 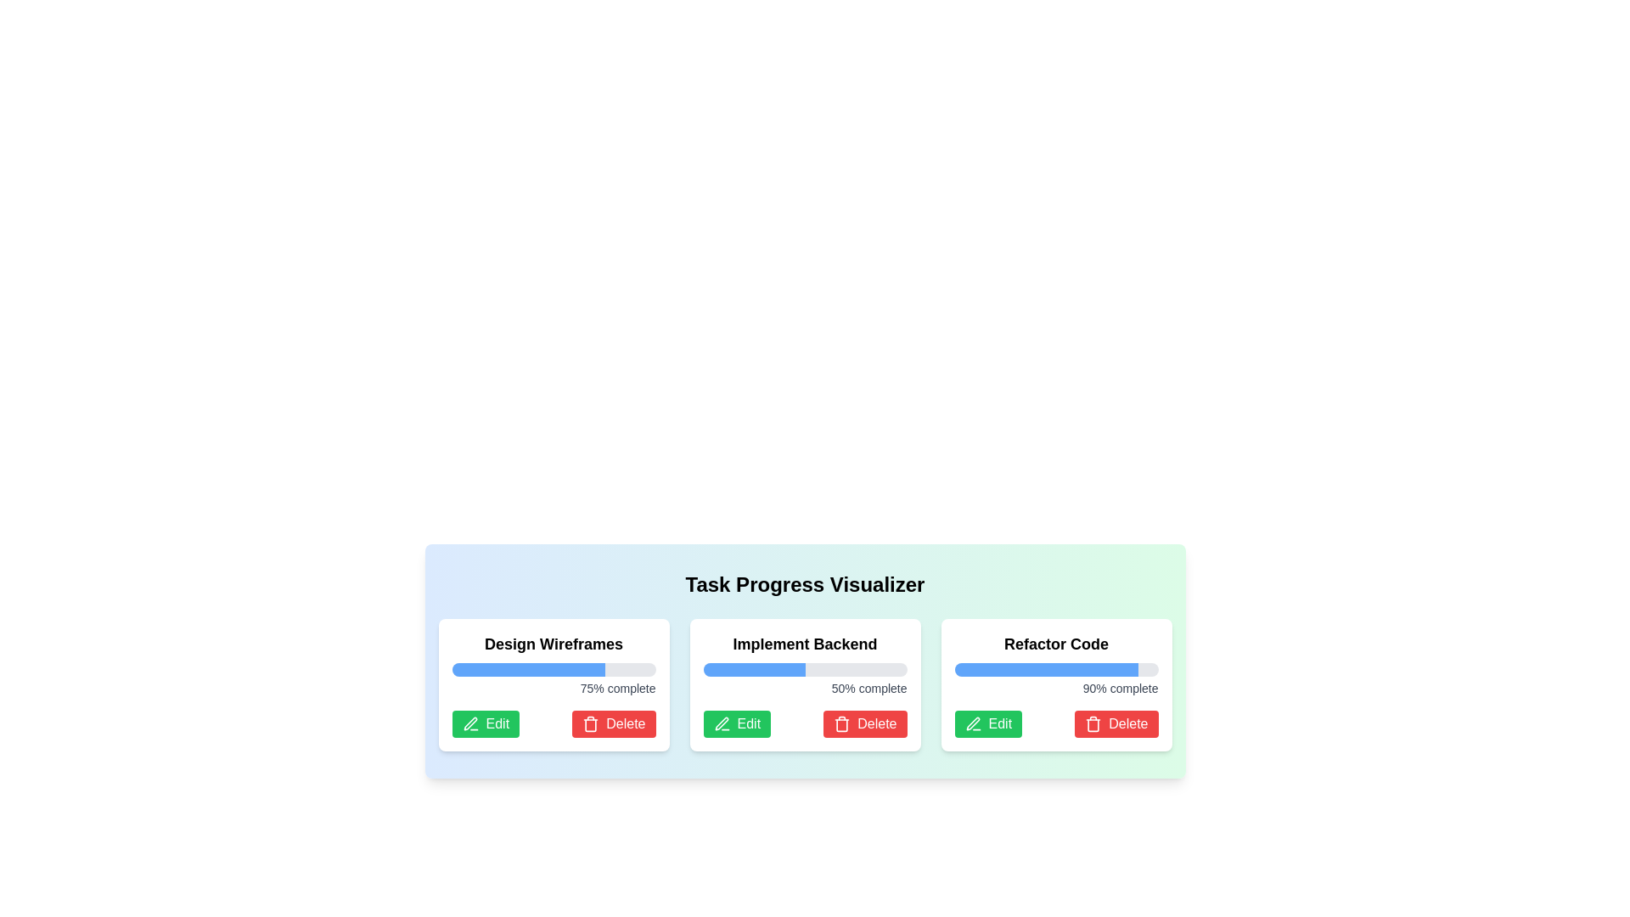 I want to click on the delete icon located within the 'Delete' button at the bottom of the 'Implement Backend' card, so click(x=842, y=723).